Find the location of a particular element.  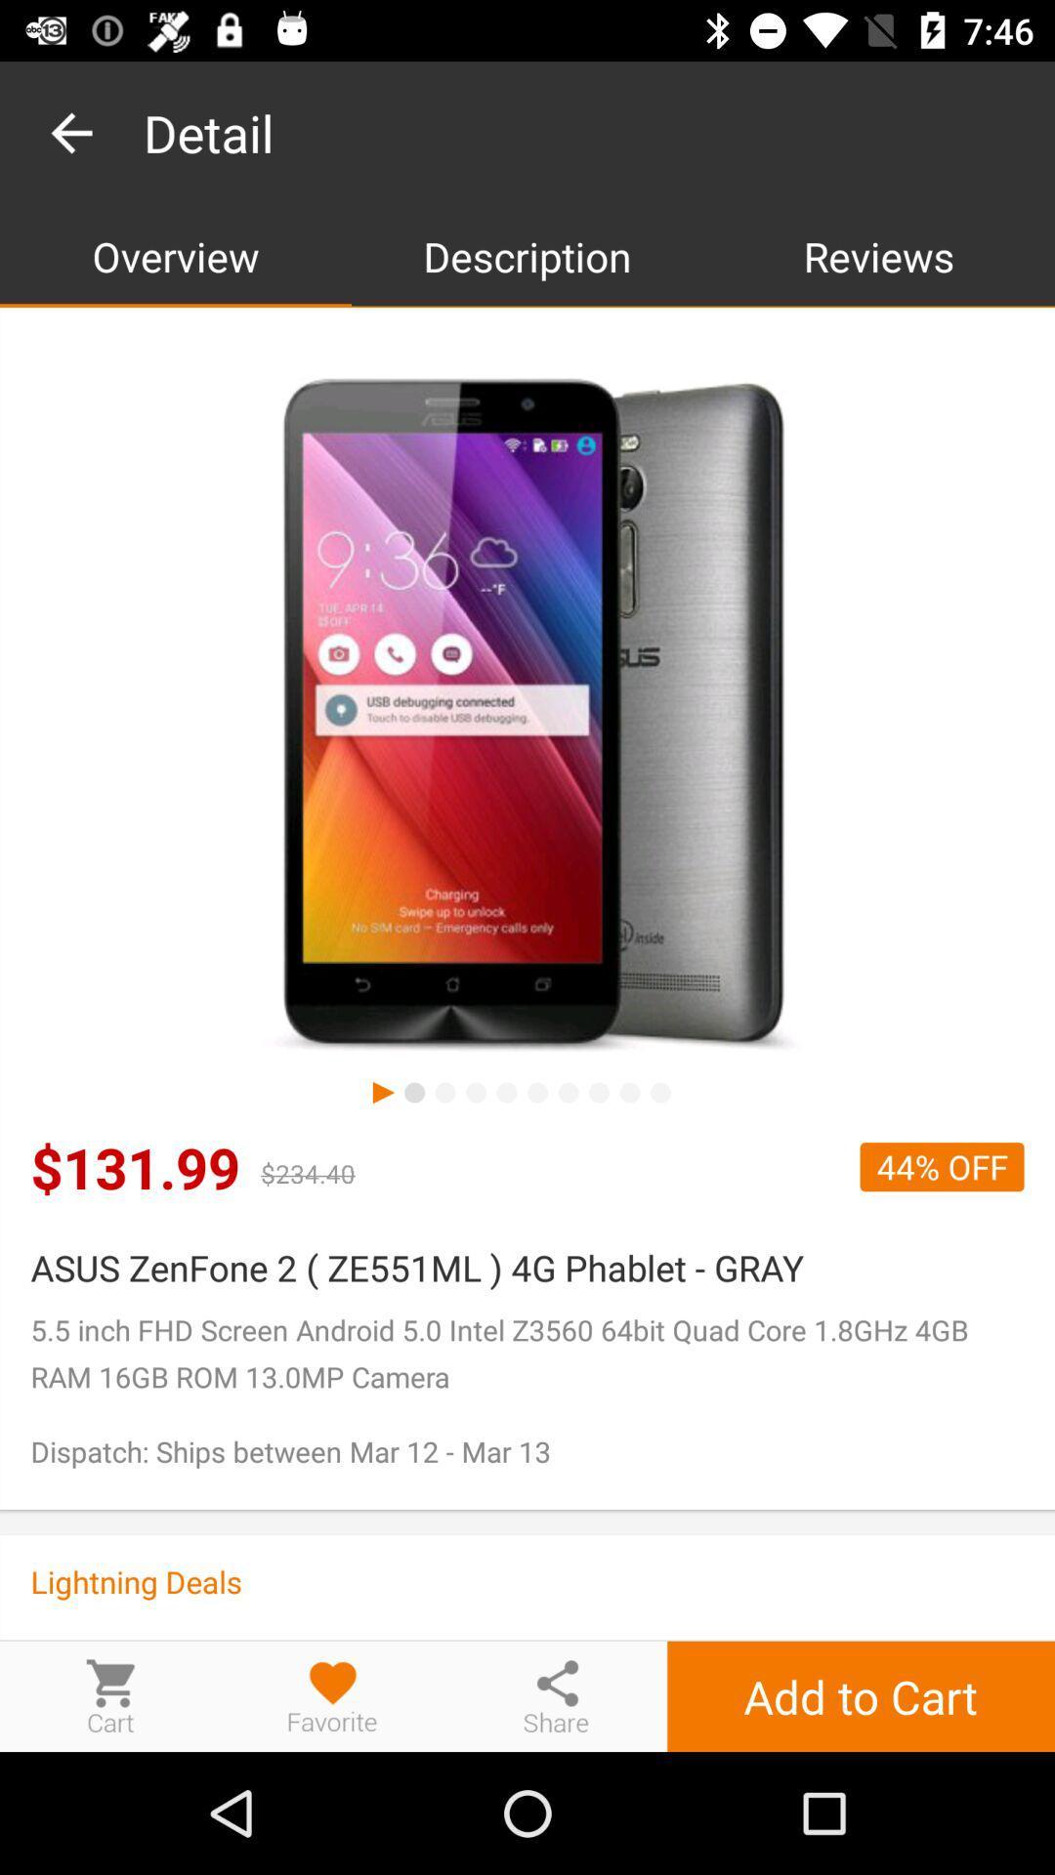

the item next to the description item is located at coordinates (176, 255).